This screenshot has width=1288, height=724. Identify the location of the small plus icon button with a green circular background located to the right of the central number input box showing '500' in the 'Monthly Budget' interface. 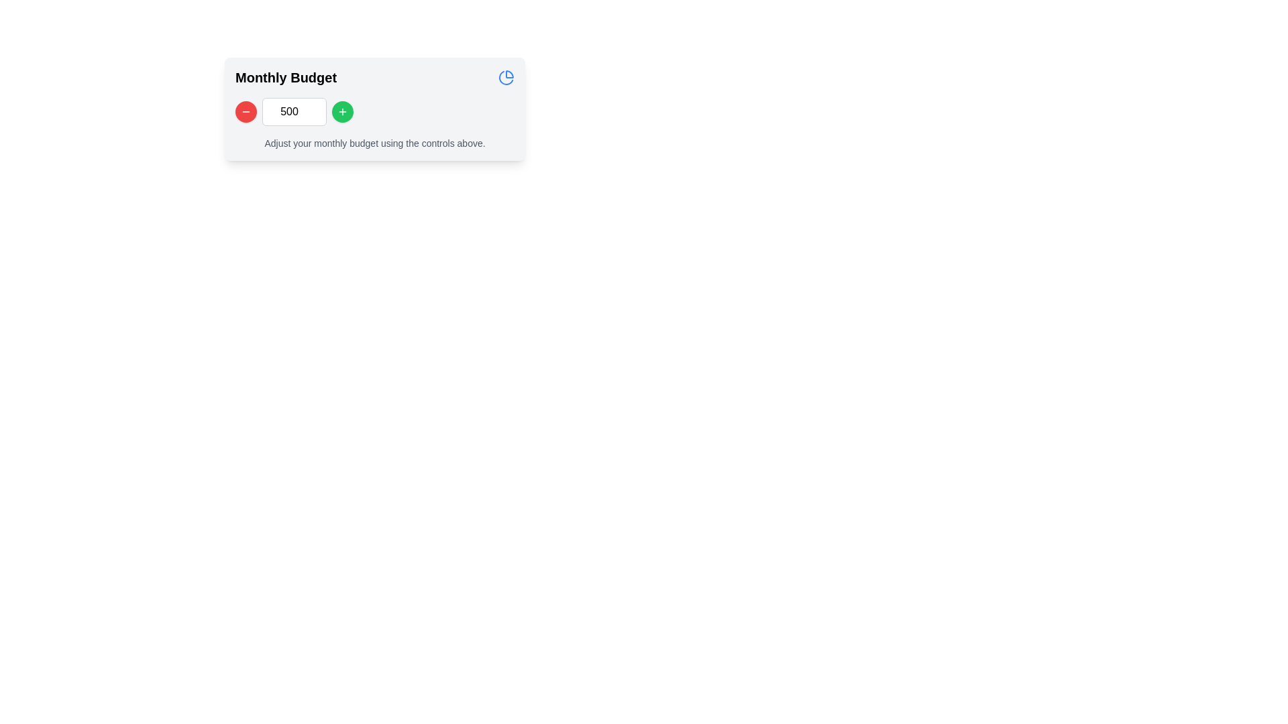
(342, 111).